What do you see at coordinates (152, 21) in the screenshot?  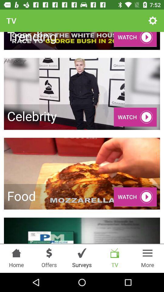 I see `app next to the tv icon` at bounding box center [152, 21].